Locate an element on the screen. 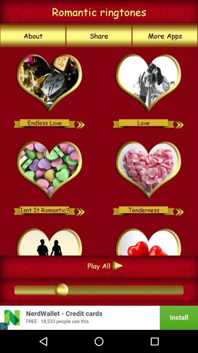 This screenshot has width=198, height=353. option is located at coordinates (49, 171).